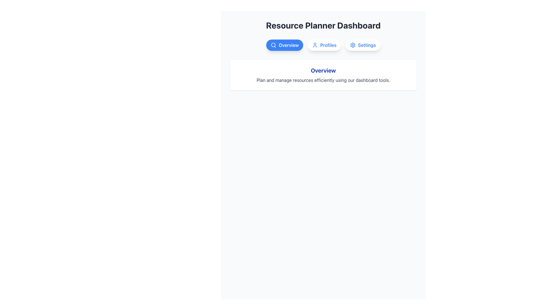  Describe the element at coordinates (274, 45) in the screenshot. I see `the 'Overview' button, which is the leftmost button in a horizontal list and features an icon indicating search or overview functionality` at that location.